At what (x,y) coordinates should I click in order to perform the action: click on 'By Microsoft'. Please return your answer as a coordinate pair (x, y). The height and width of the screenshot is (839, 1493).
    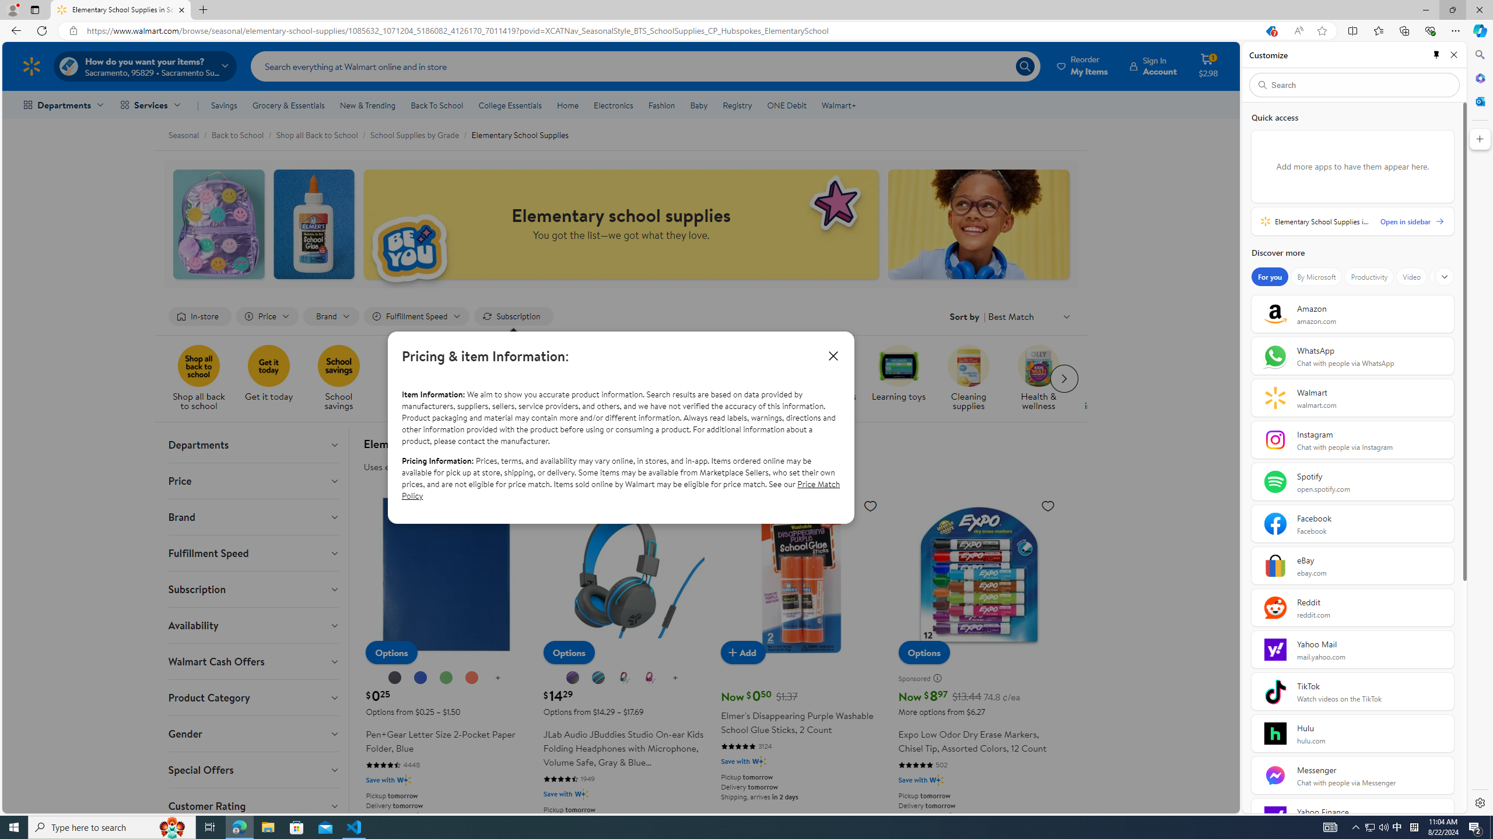
    Looking at the image, I should click on (1315, 276).